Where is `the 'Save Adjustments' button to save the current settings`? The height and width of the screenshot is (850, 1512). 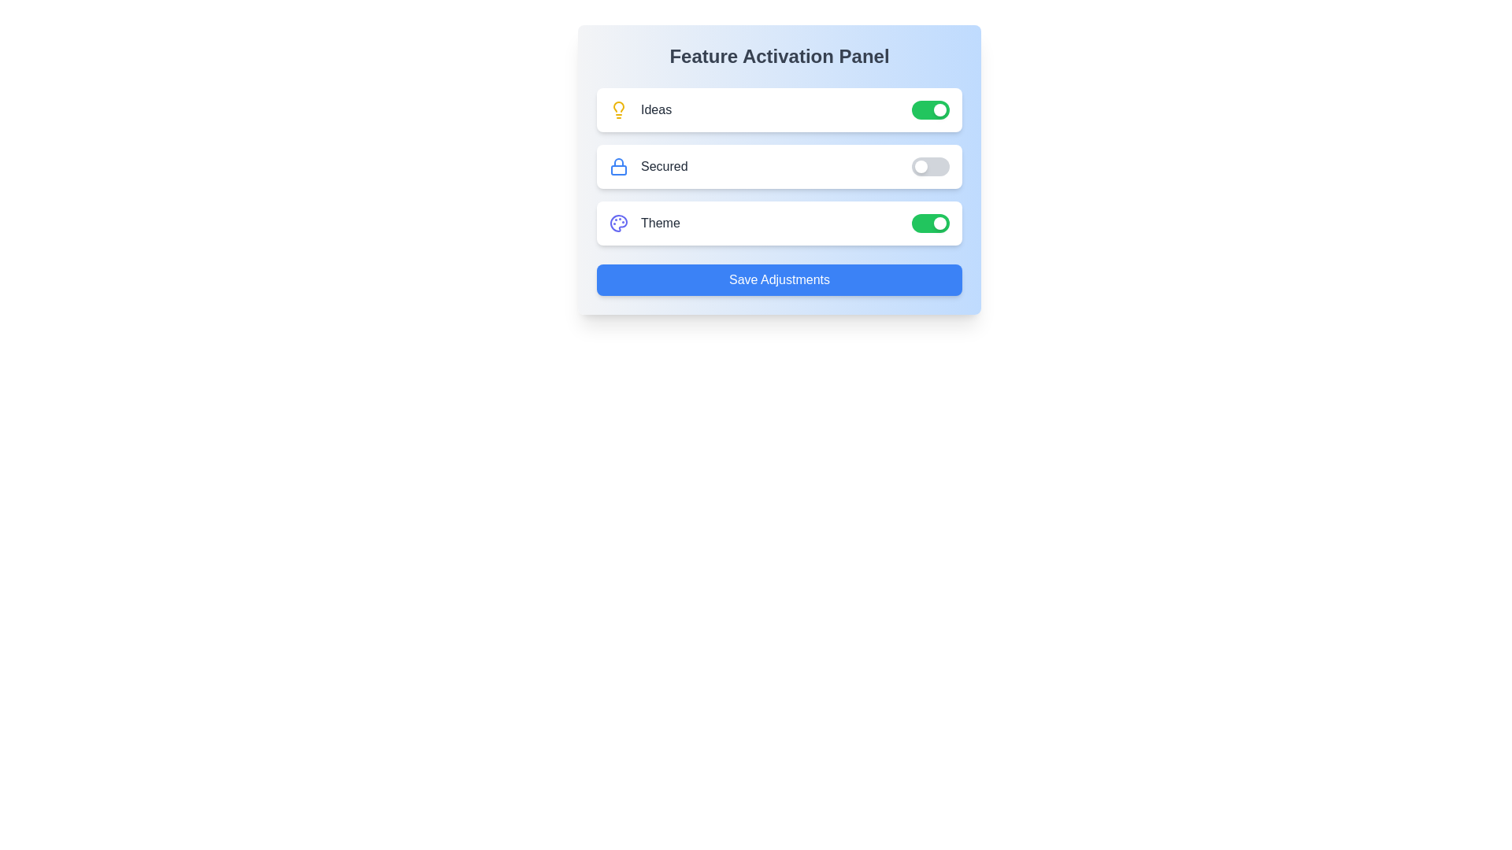 the 'Save Adjustments' button to save the current settings is located at coordinates (779, 279).